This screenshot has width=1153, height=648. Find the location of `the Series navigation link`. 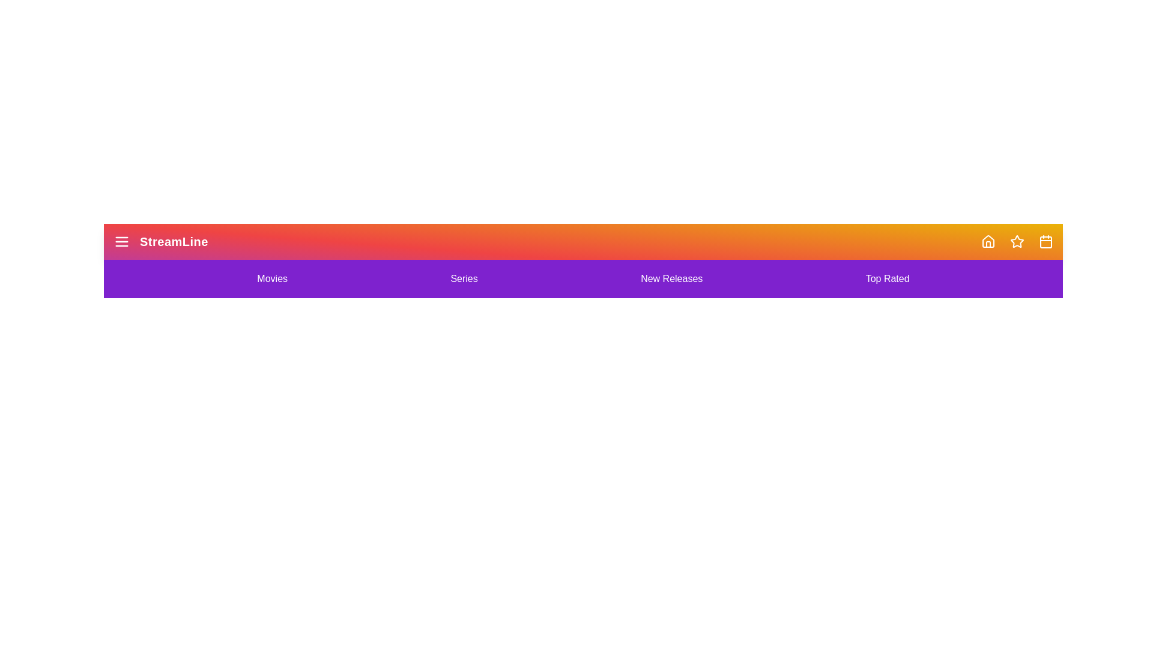

the Series navigation link is located at coordinates (463, 279).